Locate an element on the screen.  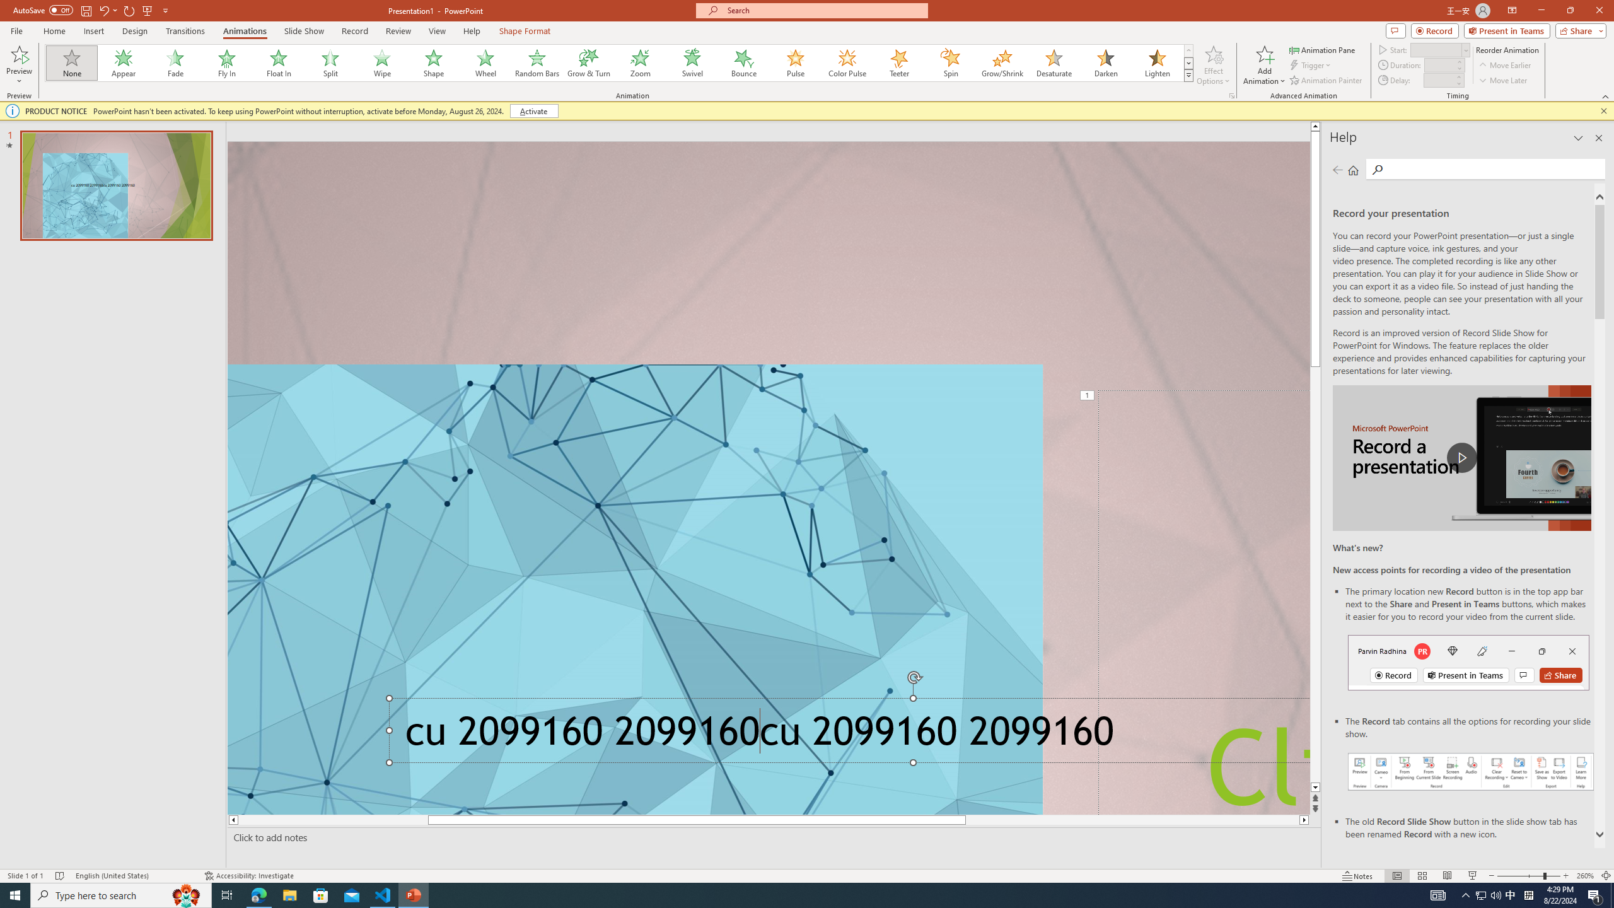
'Effect Options' is located at coordinates (1213, 65).